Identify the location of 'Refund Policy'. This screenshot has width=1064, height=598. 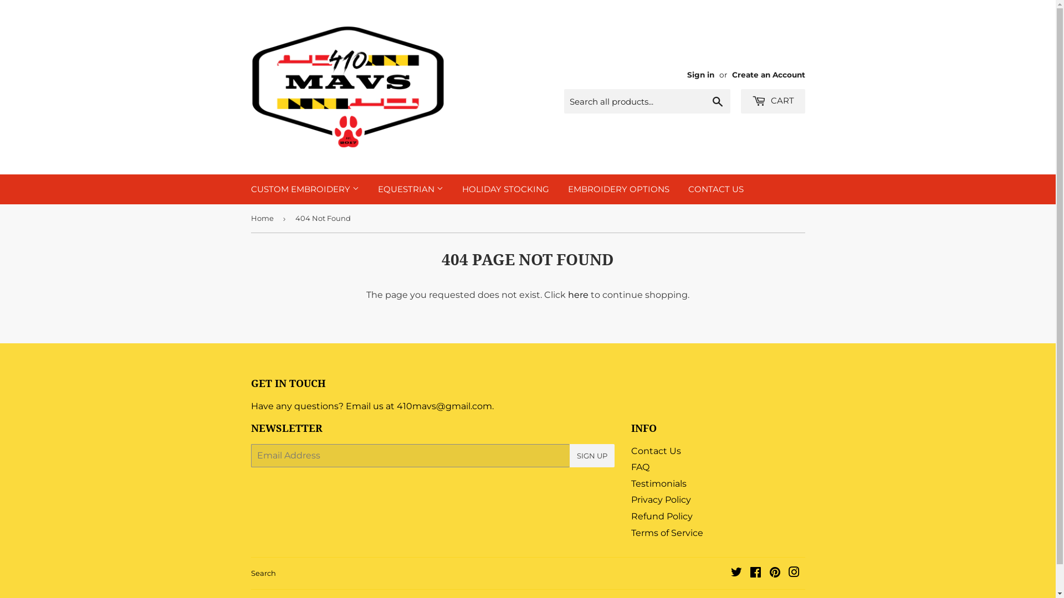
(631, 516).